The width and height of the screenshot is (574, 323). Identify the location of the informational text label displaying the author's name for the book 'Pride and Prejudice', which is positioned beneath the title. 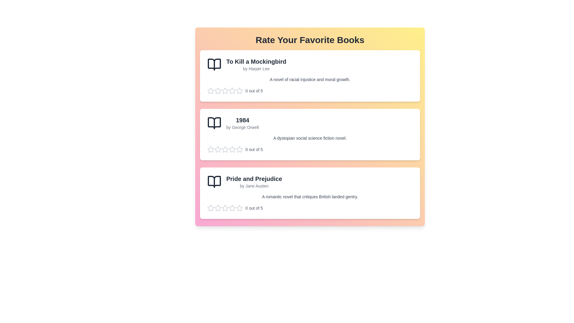
(254, 185).